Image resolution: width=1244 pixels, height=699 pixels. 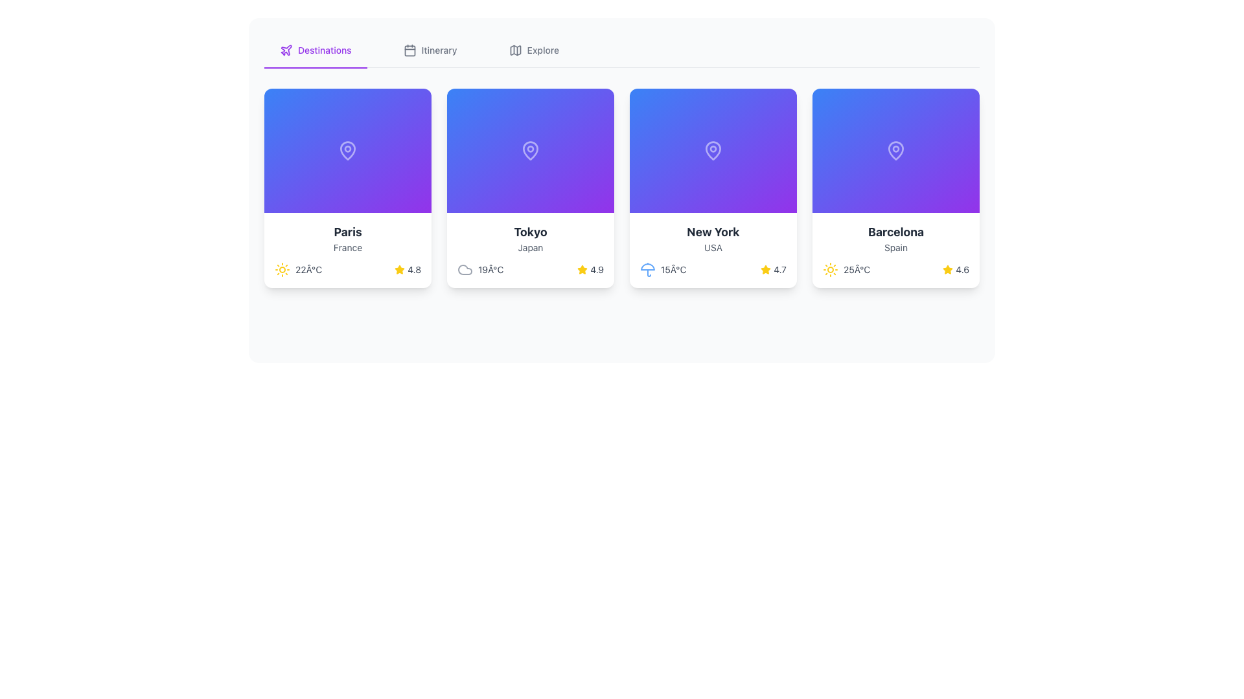 I want to click on the sun icon, which is a yellow circular icon with rays, located next to the temperature text '25Â°C' in the weather information section for Barcelona, Spain, so click(x=830, y=269).